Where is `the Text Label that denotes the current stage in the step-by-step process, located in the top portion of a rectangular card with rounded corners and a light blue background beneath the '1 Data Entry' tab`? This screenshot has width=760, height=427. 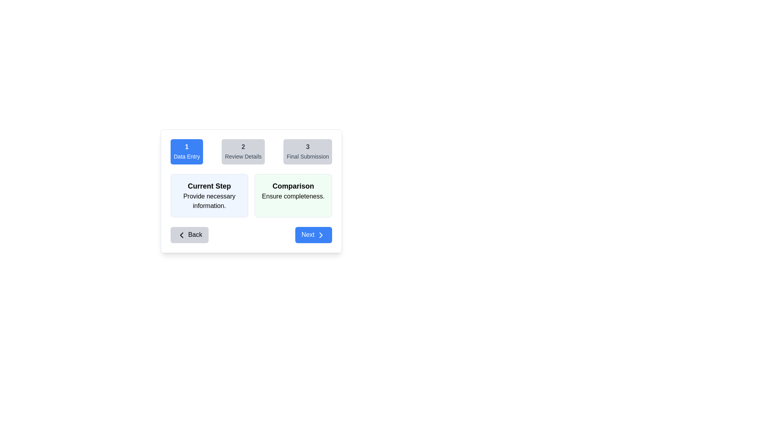 the Text Label that denotes the current stage in the step-by-step process, located in the top portion of a rectangular card with rounded corners and a light blue background beneath the '1 Data Entry' tab is located at coordinates (209, 186).